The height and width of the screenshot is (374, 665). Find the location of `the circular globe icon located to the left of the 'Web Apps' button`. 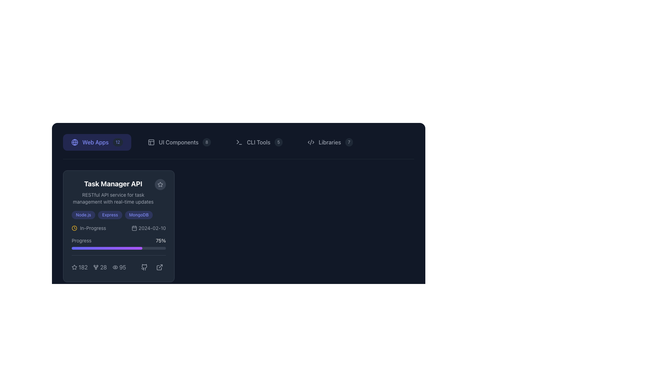

the circular globe icon located to the left of the 'Web Apps' button is located at coordinates (75, 142).